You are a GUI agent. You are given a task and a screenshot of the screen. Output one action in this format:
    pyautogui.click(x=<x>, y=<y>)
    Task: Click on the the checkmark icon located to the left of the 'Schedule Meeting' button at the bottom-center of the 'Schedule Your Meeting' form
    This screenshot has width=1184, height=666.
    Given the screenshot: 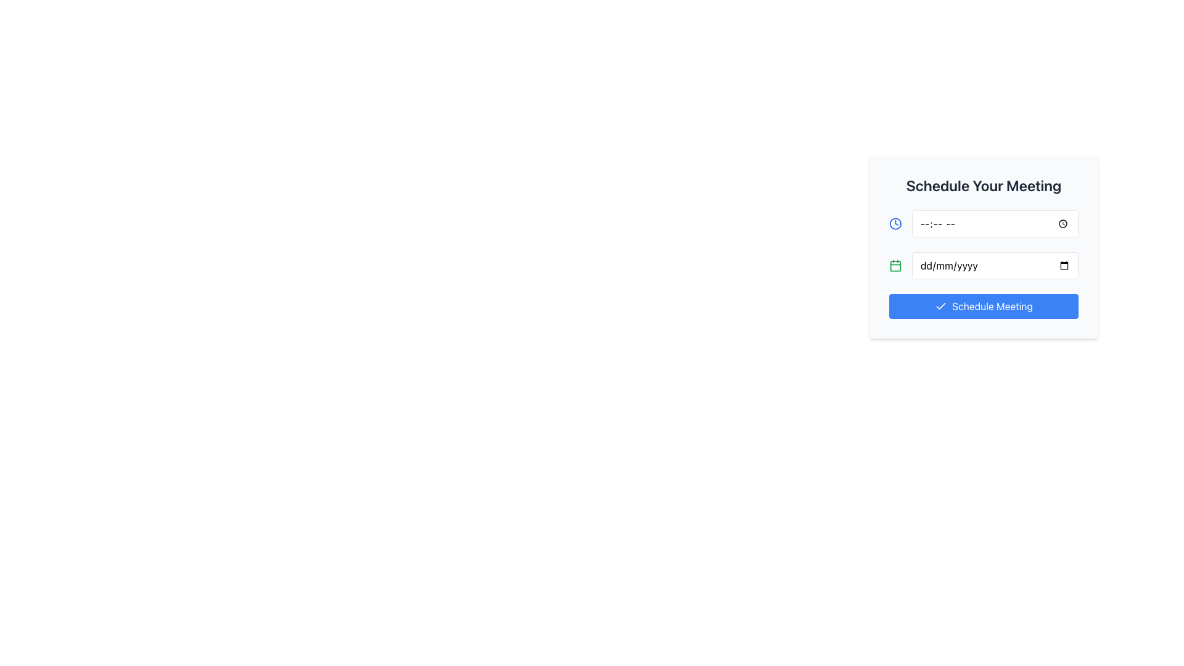 What is the action you would take?
    pyautogui.click(x=940, y=306)
    